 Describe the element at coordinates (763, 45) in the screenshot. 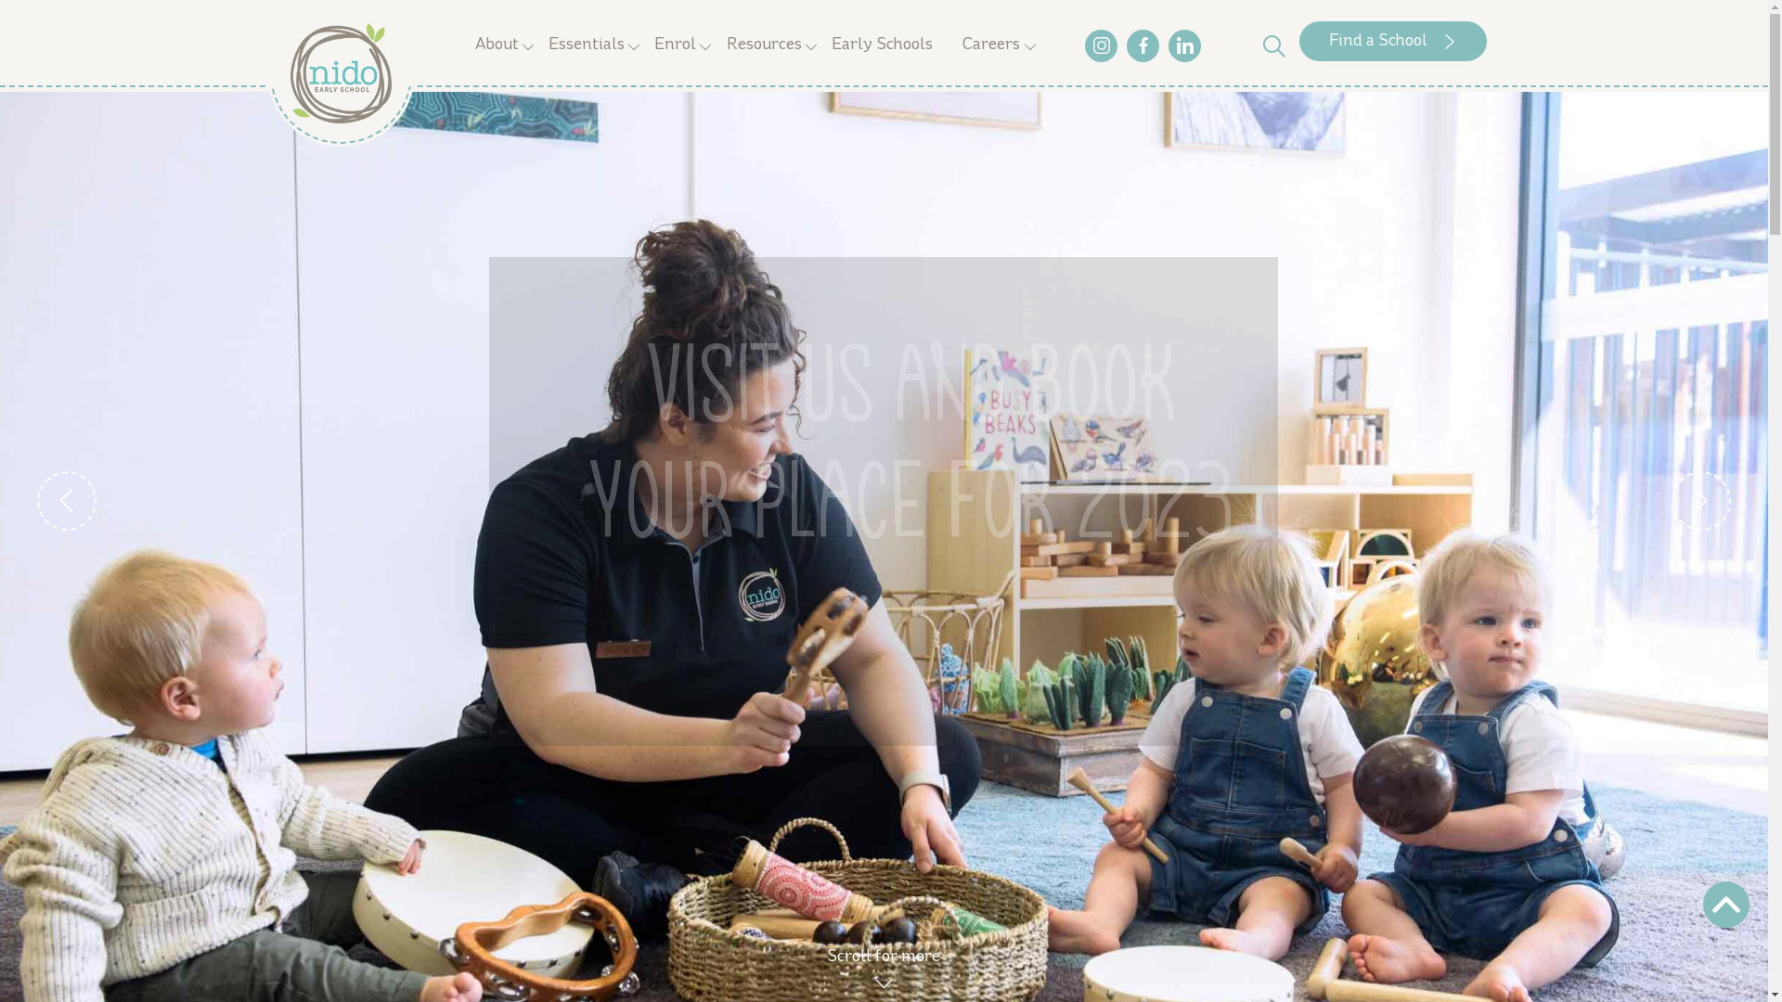

I see `'Resources'` at that location.